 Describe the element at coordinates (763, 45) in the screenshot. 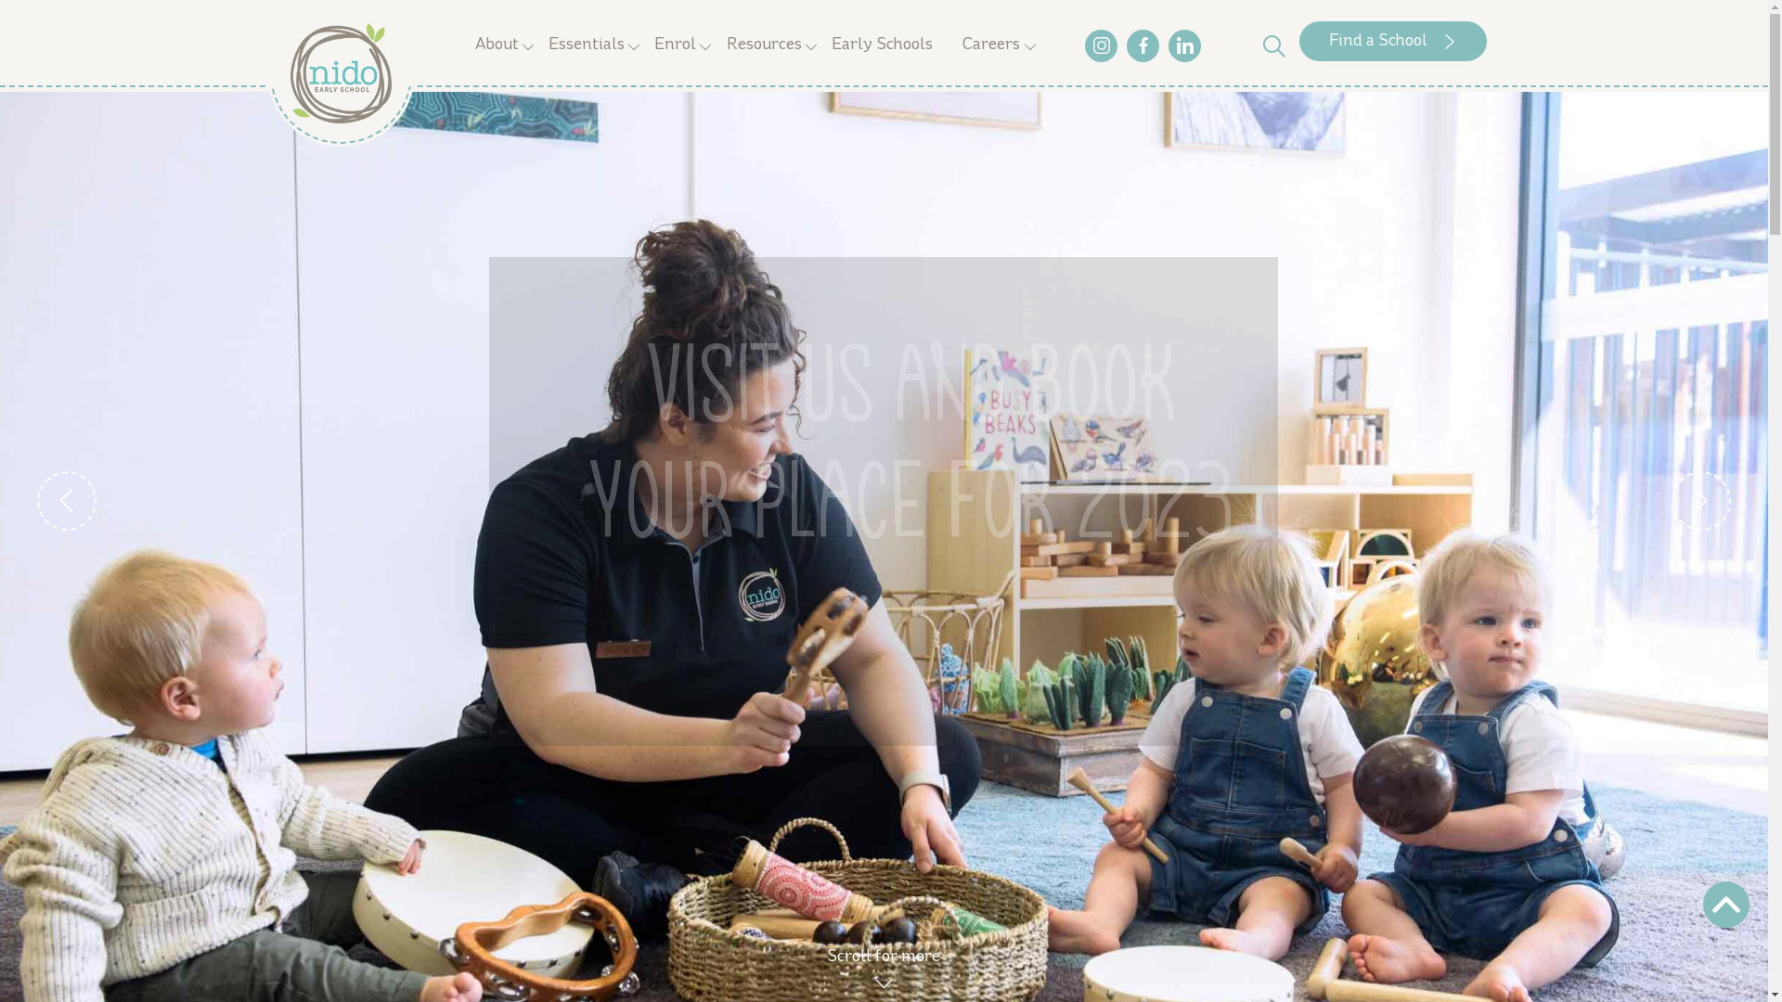

I see `'Resources'` at that location.